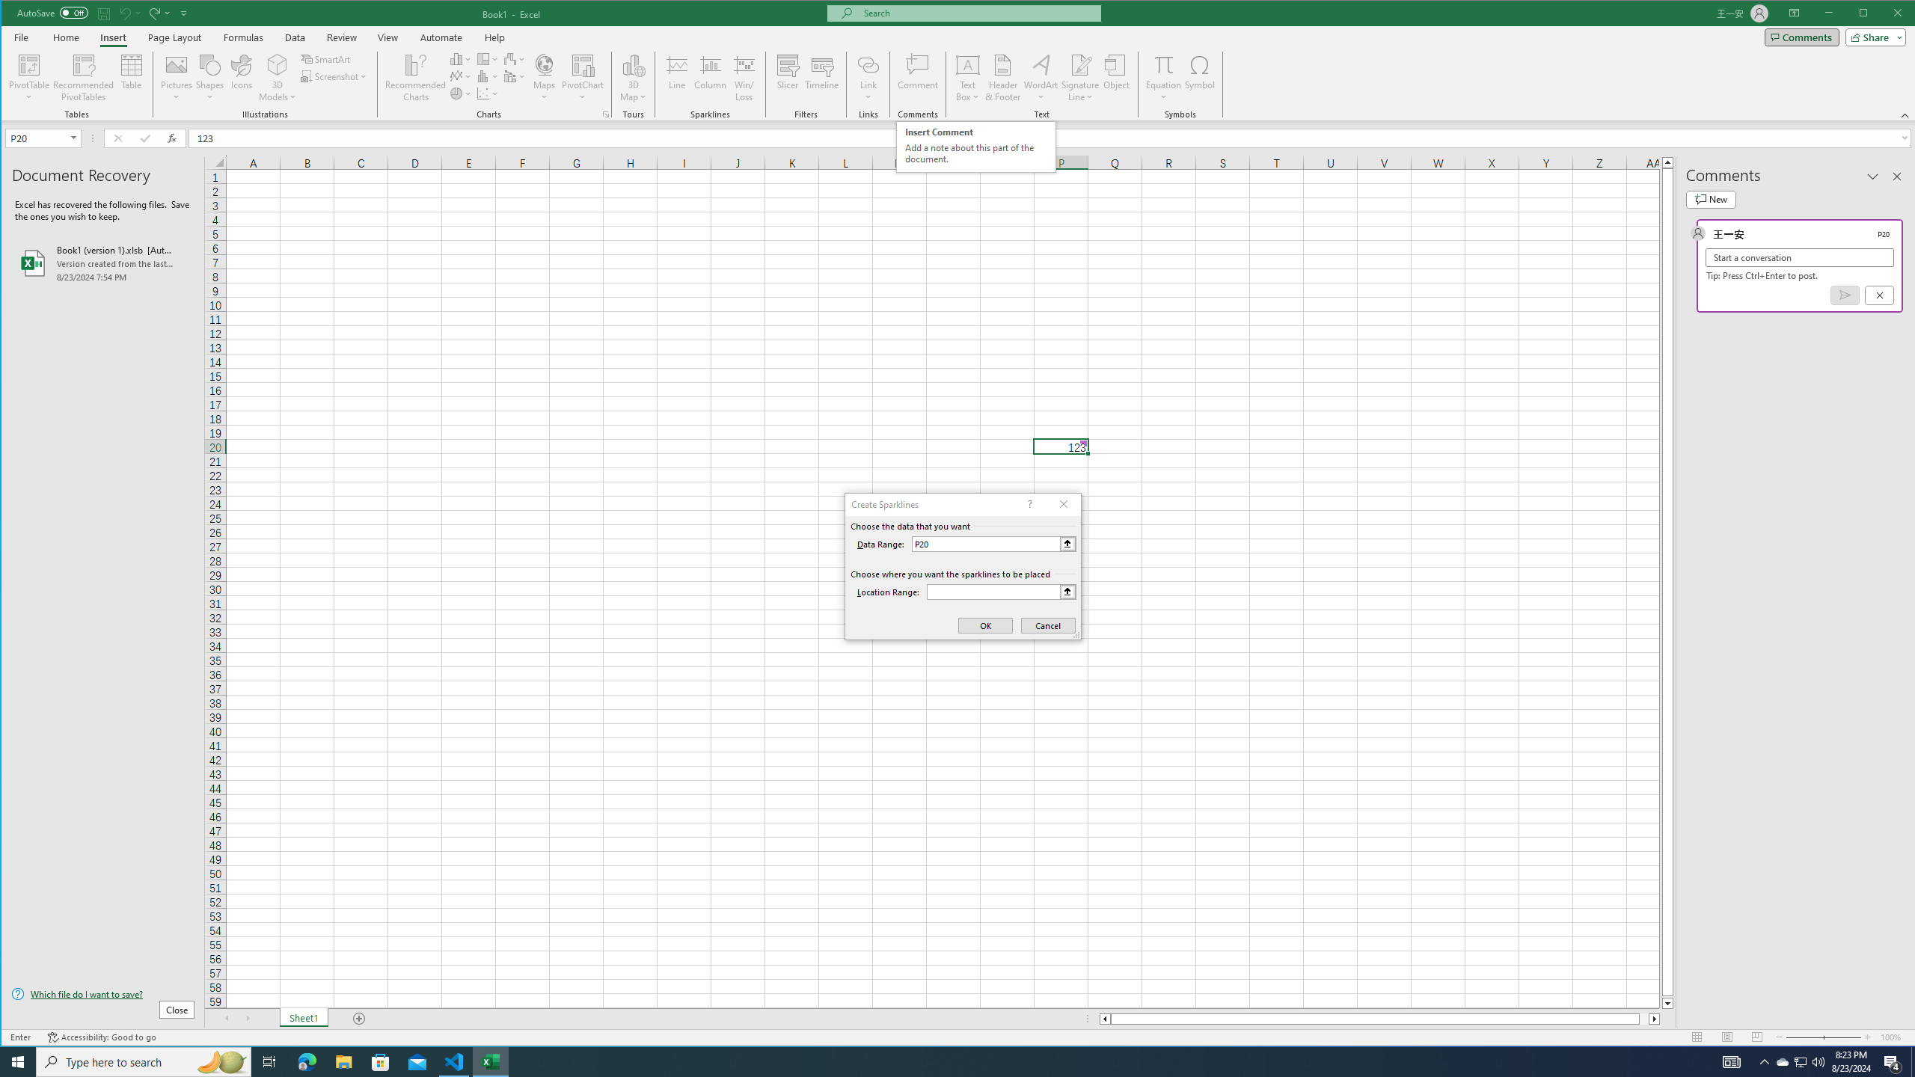 The height and width of the screenshot is (1077, 1915). I want to click on 'Recommended PivotTables', so click(83, 77).